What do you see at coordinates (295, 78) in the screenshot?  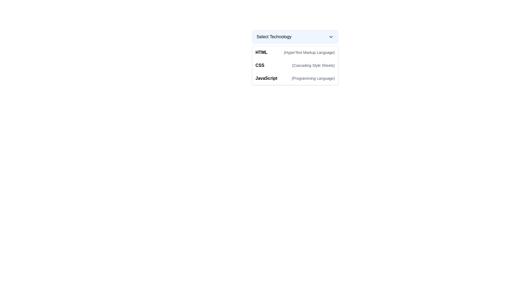 I see `the third item in the dropdown menu labeled 'Select Technology'` at bounding box center [295, 78].